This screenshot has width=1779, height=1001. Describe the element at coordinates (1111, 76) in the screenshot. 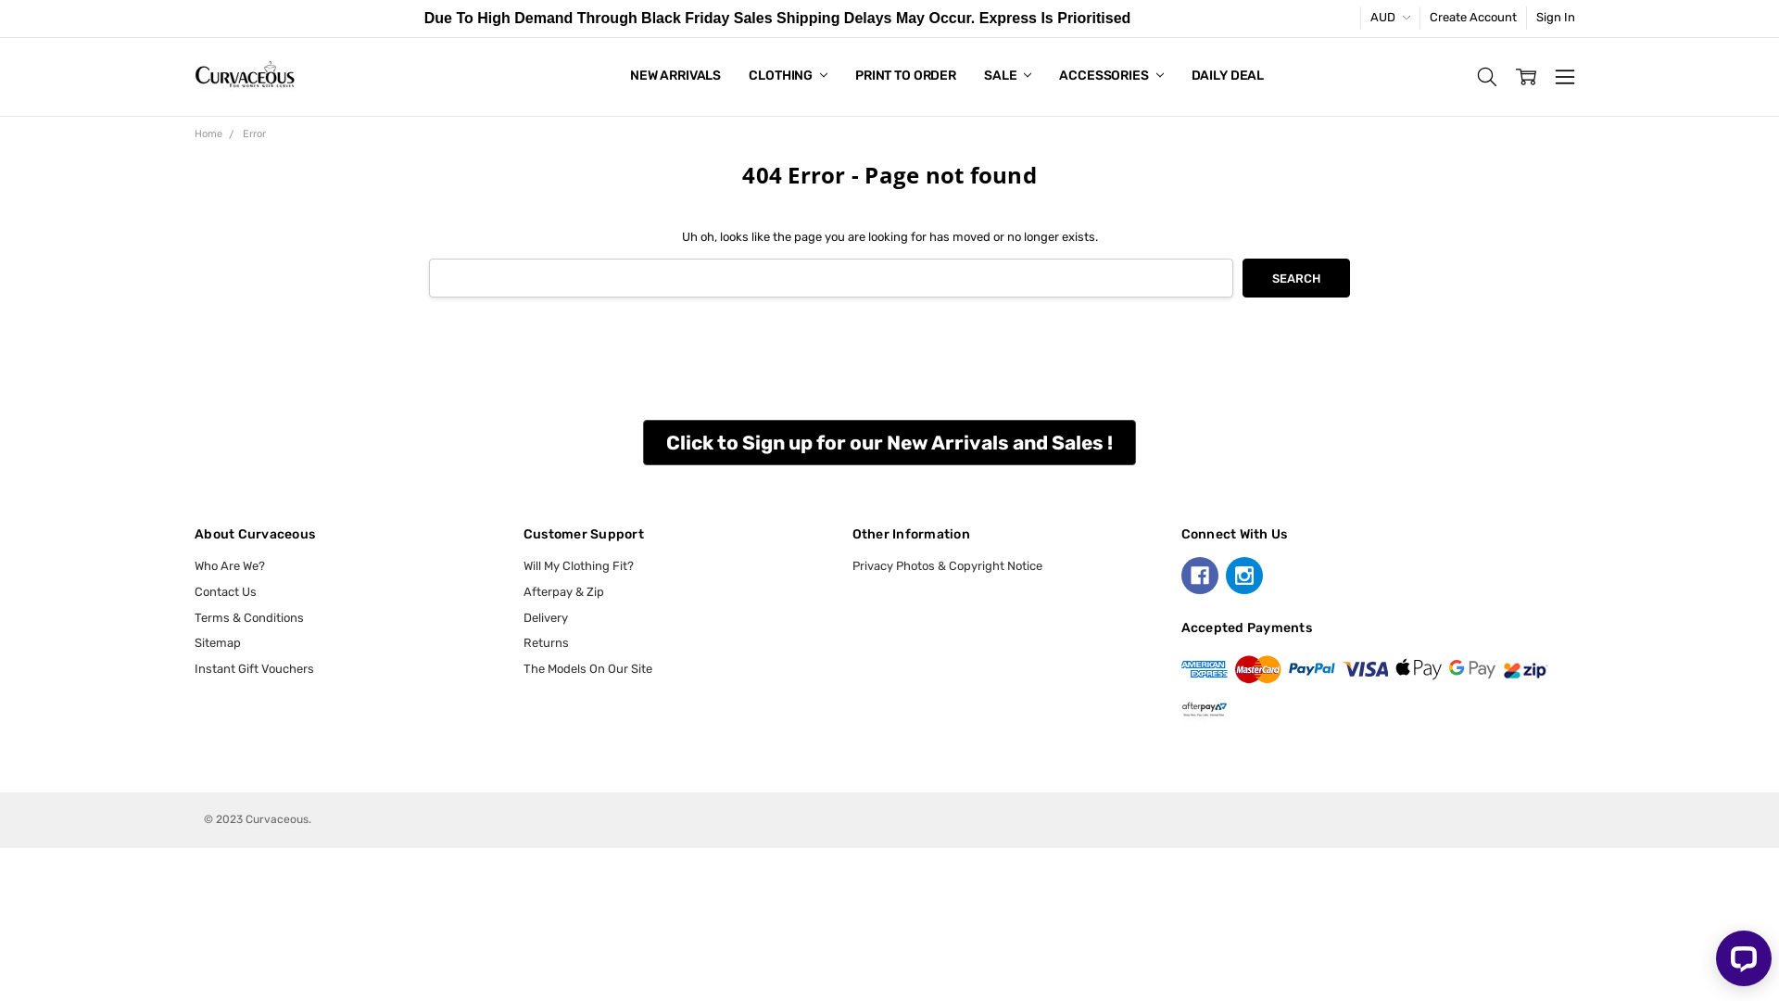

I see `'ACCESSORIES'` at that location.